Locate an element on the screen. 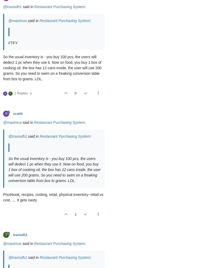 This screenshot has height=268, width=213. 'FTFY' is located at coordinates (13, 43).